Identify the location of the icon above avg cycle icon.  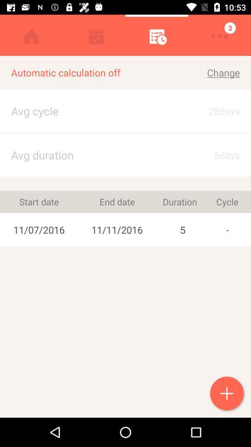
(94, 72).